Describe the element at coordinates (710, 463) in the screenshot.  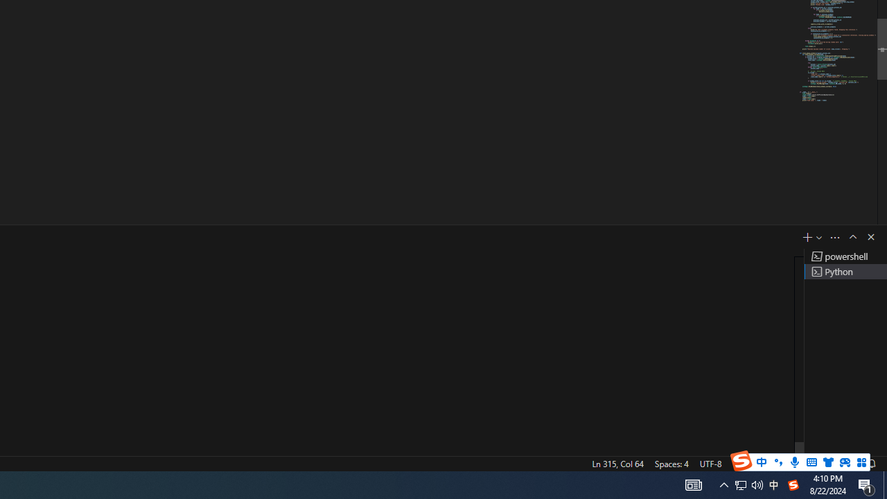
I see `'UTF-8'` at that location.